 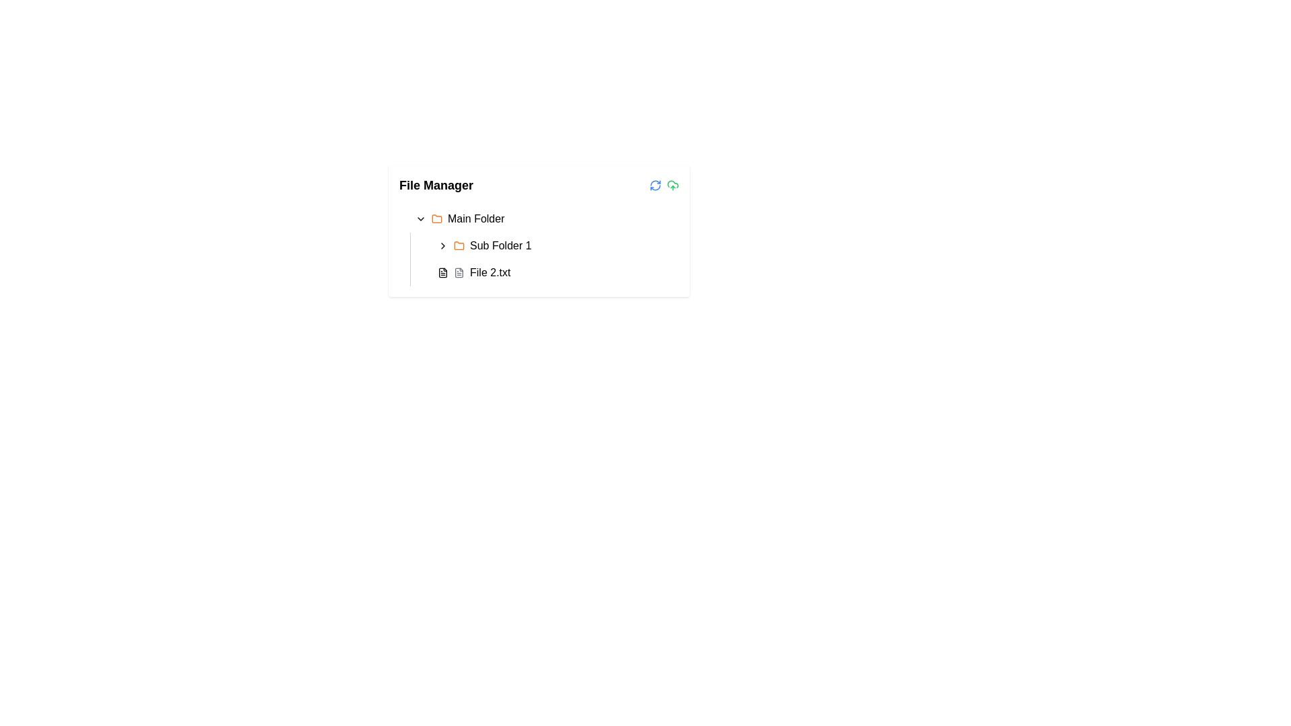 I want to click on the text label displaying 'File 2.txt', which is the last item, so click(x=490, y=272).